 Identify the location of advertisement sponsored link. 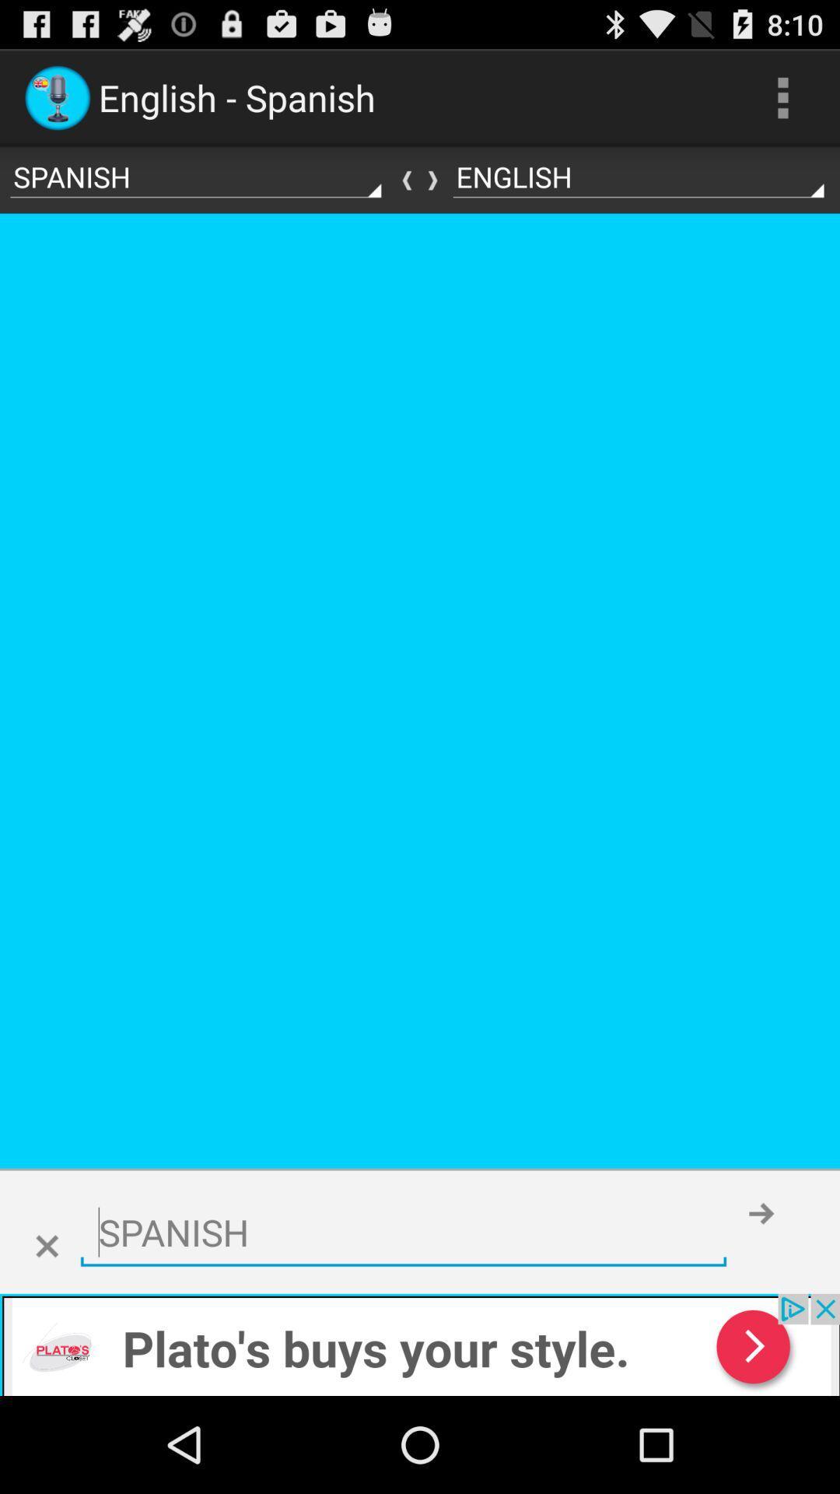
(420, 1344).